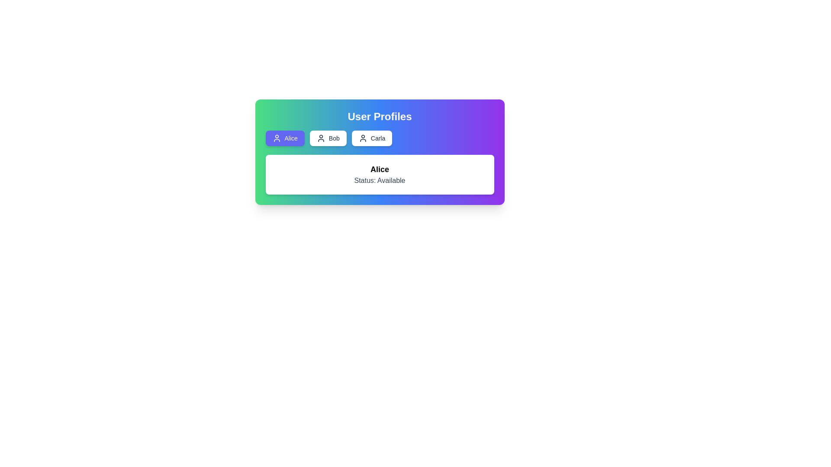  What do you see at coordinates (372, 138) in the screenshot?
I see `the button corresponding to the profile Carla` at bounding box center [372, 138].